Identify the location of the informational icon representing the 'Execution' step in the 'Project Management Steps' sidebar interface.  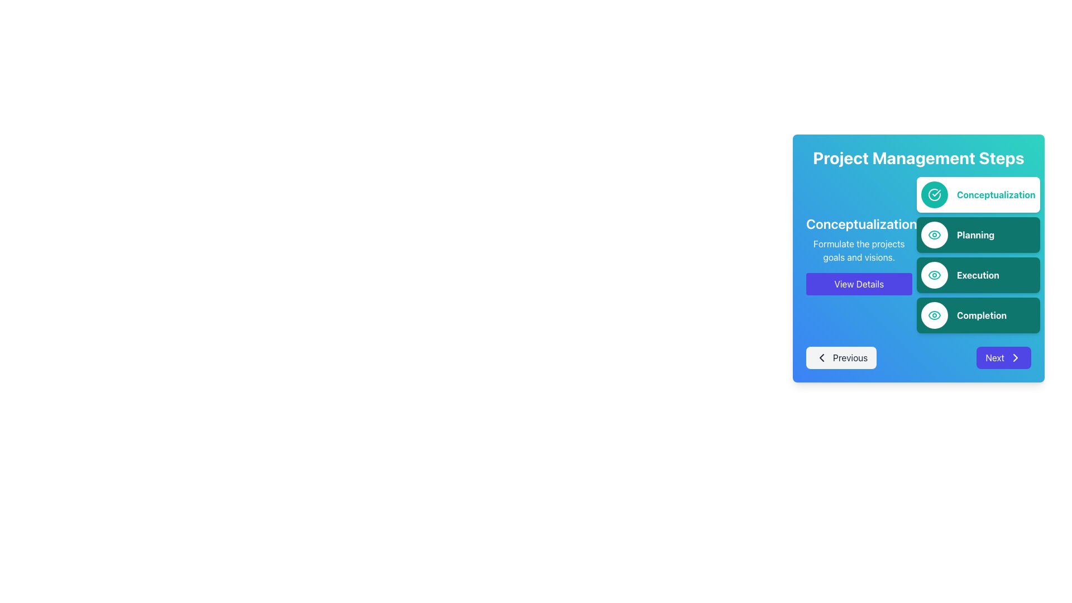
(934, 275).